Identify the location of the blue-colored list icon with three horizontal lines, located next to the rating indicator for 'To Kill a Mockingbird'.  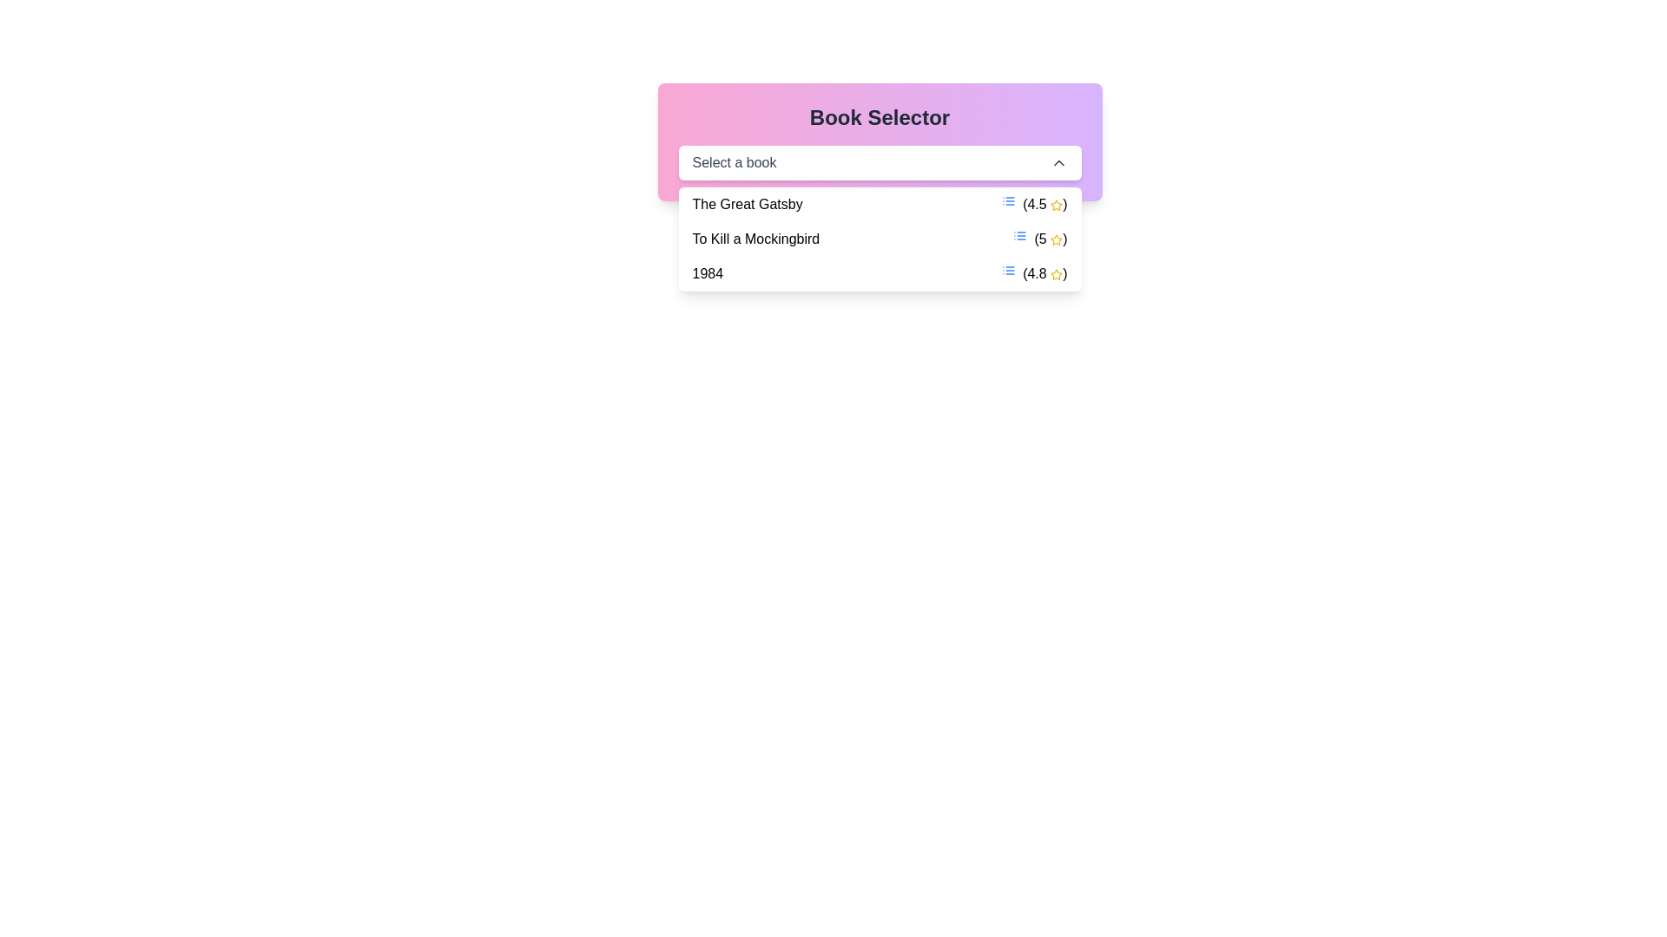
(1020, 236).